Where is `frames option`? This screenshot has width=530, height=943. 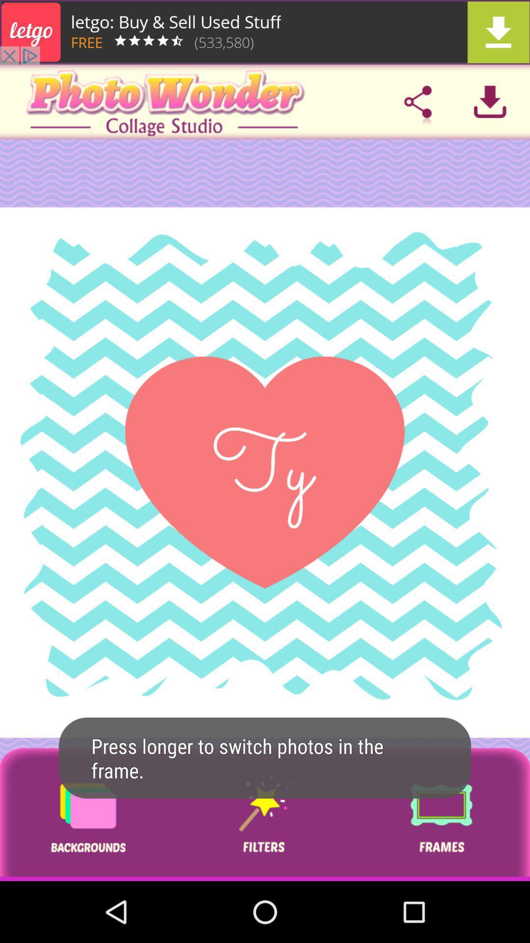
frames option is located at coordinates (441, 814).